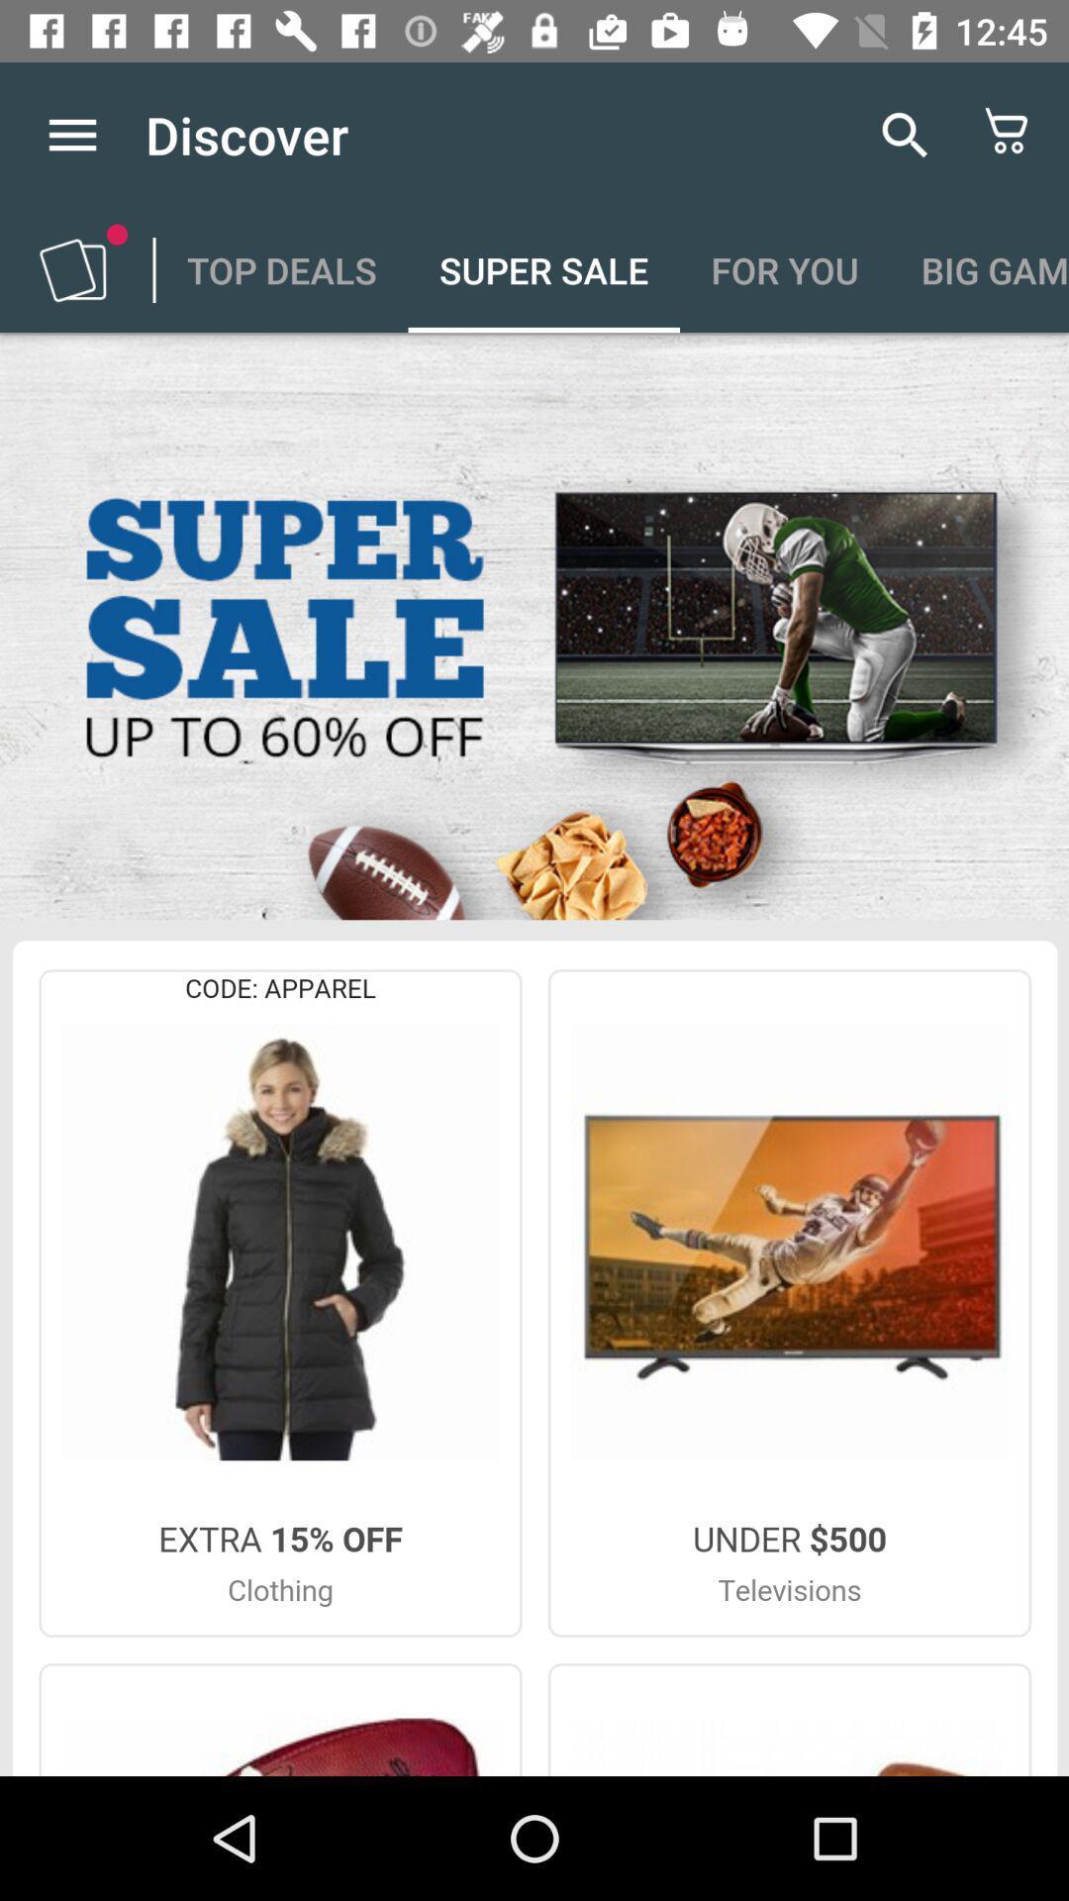  I want to click on the icon beside top deals, so click(71, 269).